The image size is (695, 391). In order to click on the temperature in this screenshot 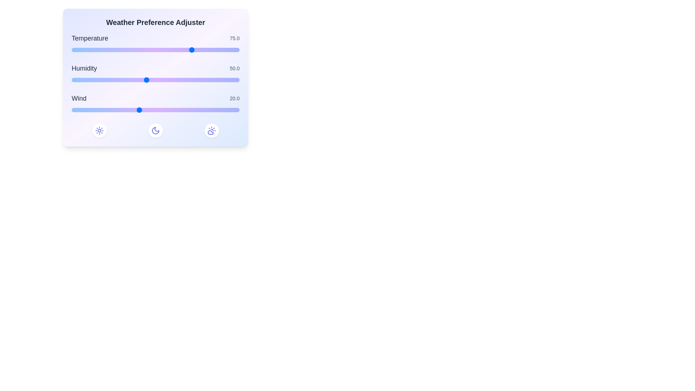, I will do `click(83, 50)`.